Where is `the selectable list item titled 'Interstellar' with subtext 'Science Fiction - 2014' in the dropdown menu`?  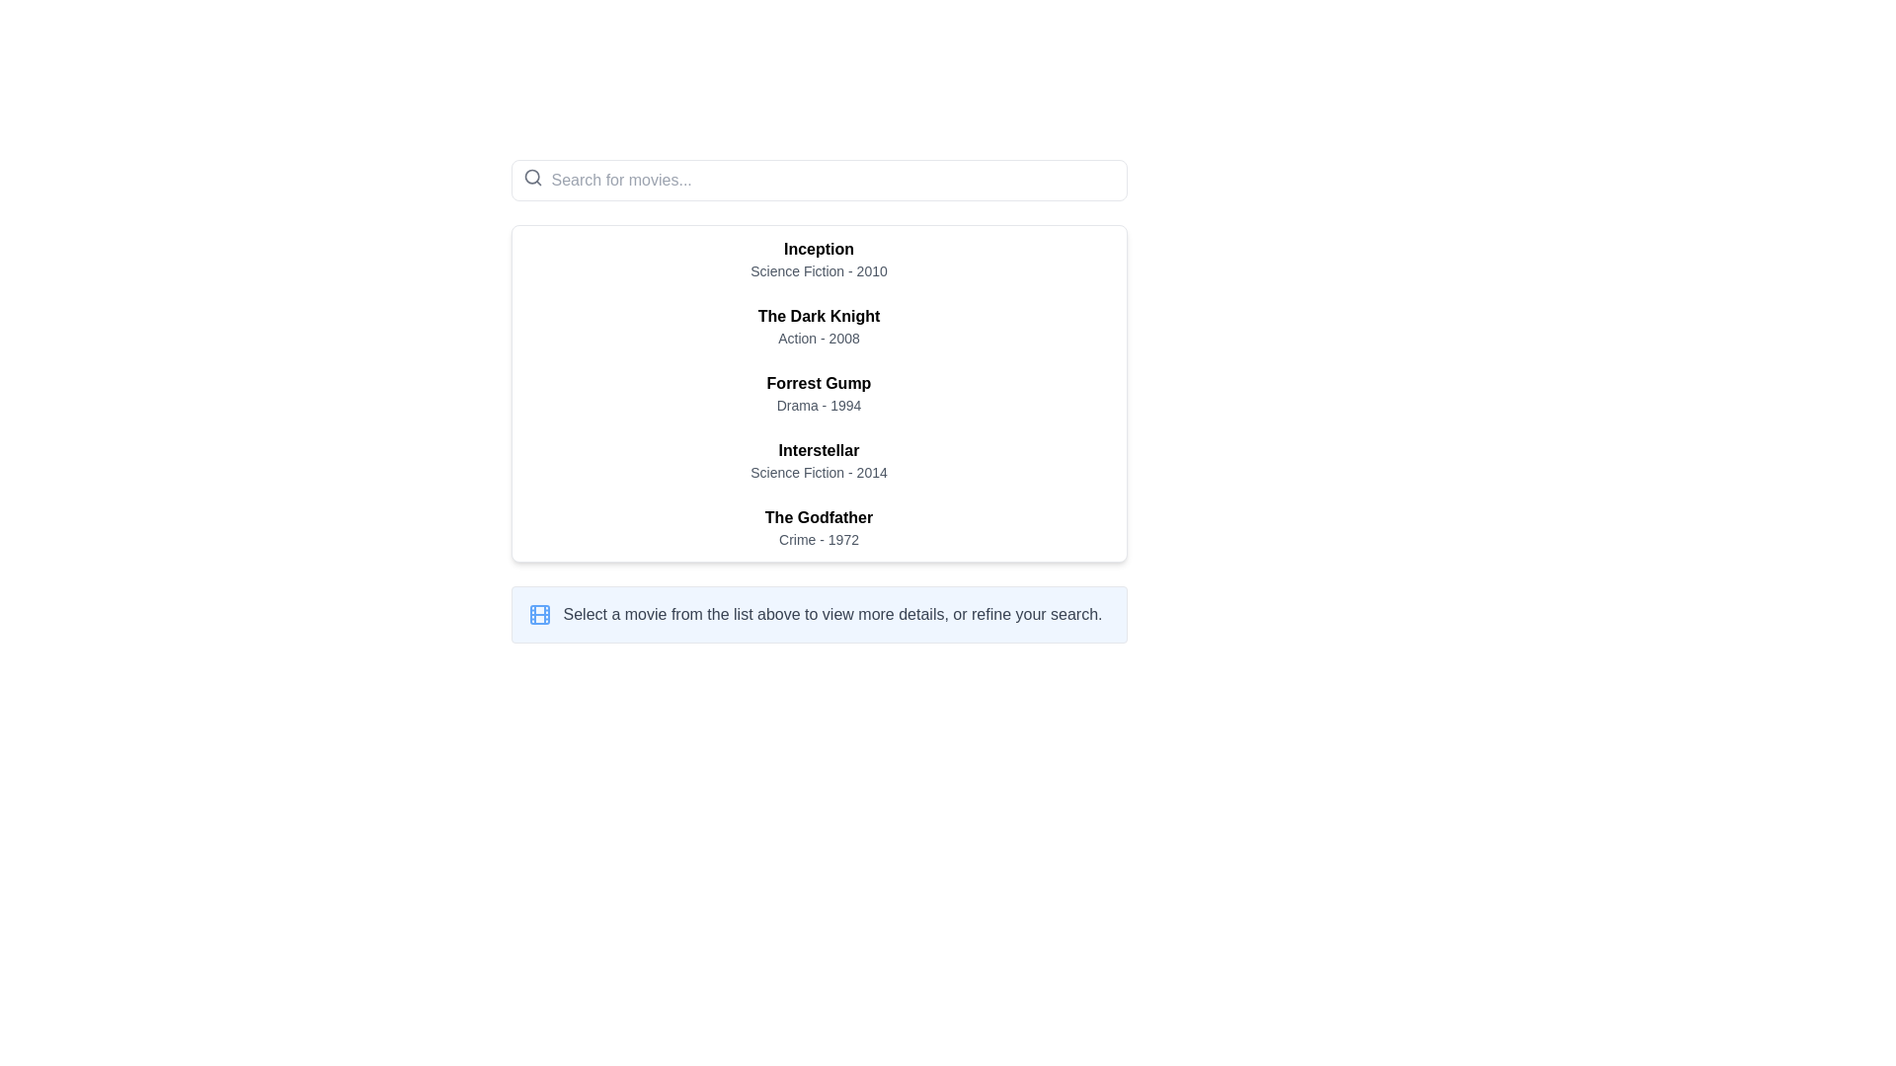
the selectable list item titled 'Interstellar' with subtext 'Science Fiction - 2014' in the dropdown menu is located at coordinates (819, 460).